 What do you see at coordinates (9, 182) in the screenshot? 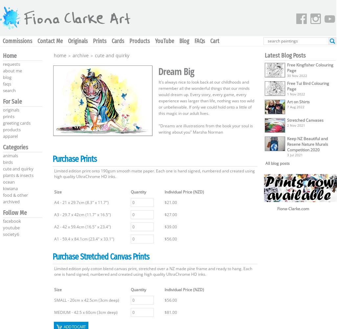
I see `'ocean'` at bounding box center [9, 182].